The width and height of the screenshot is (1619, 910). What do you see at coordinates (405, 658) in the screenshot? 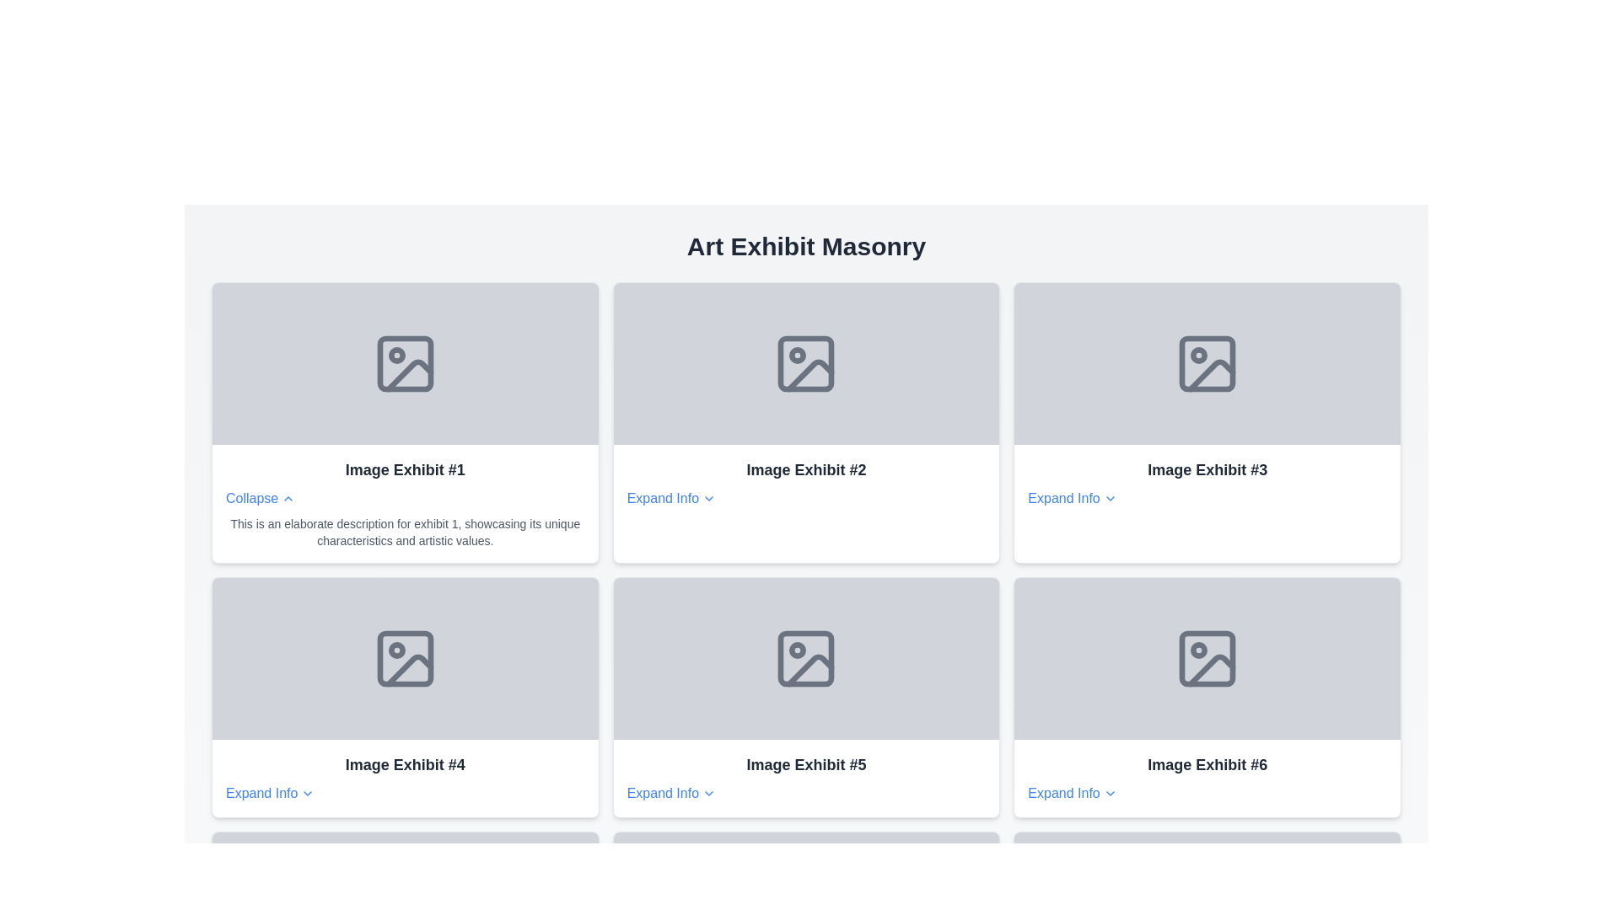
I see `the image placeholder within the card labeled 'Image Exhibit #4' located in the second row, first column of the grid layout on the Art Exhibit Masonry page` at bounding box center [405, 658].